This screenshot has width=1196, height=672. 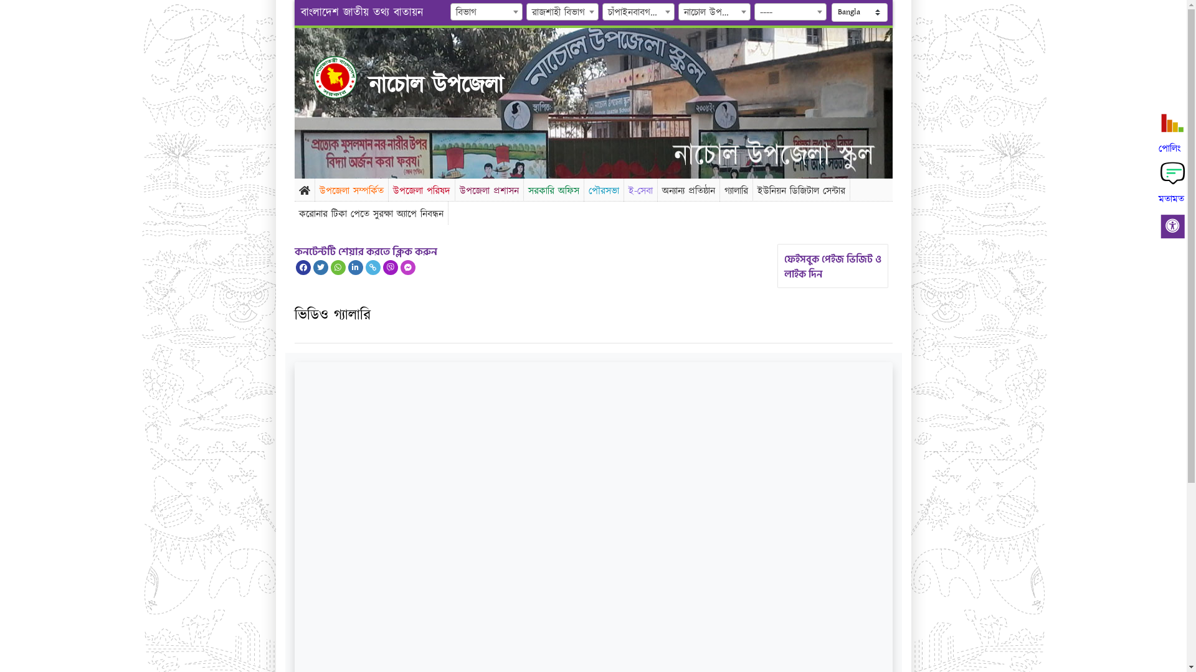 I want to click on ', so click(x=345, y=77).